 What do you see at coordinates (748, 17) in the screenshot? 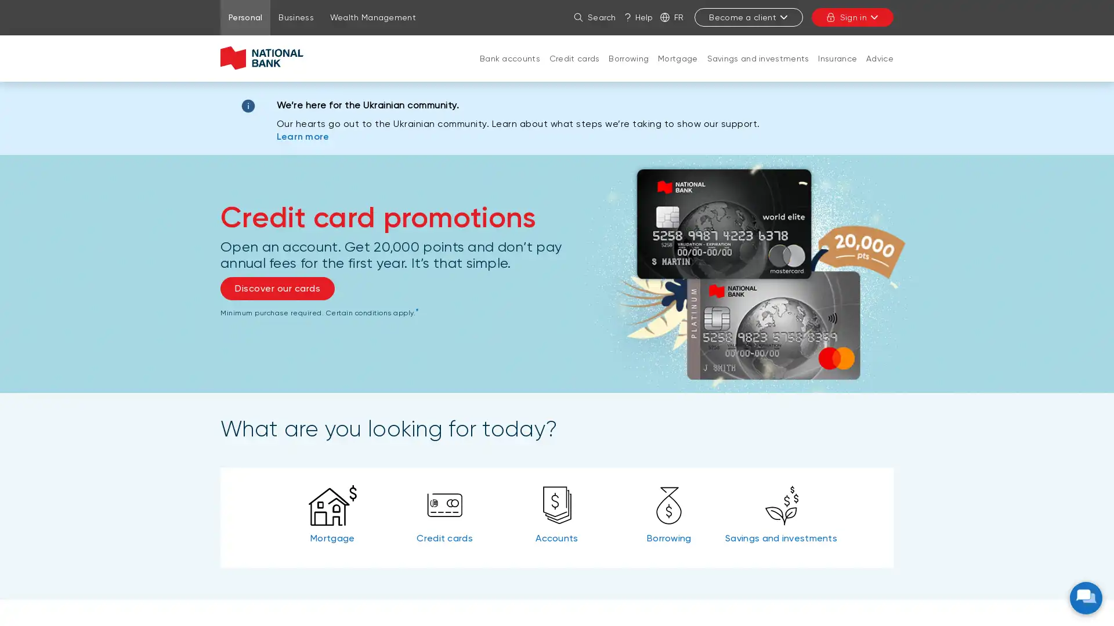
I see `Become a client` at bounding box center [748, 17].